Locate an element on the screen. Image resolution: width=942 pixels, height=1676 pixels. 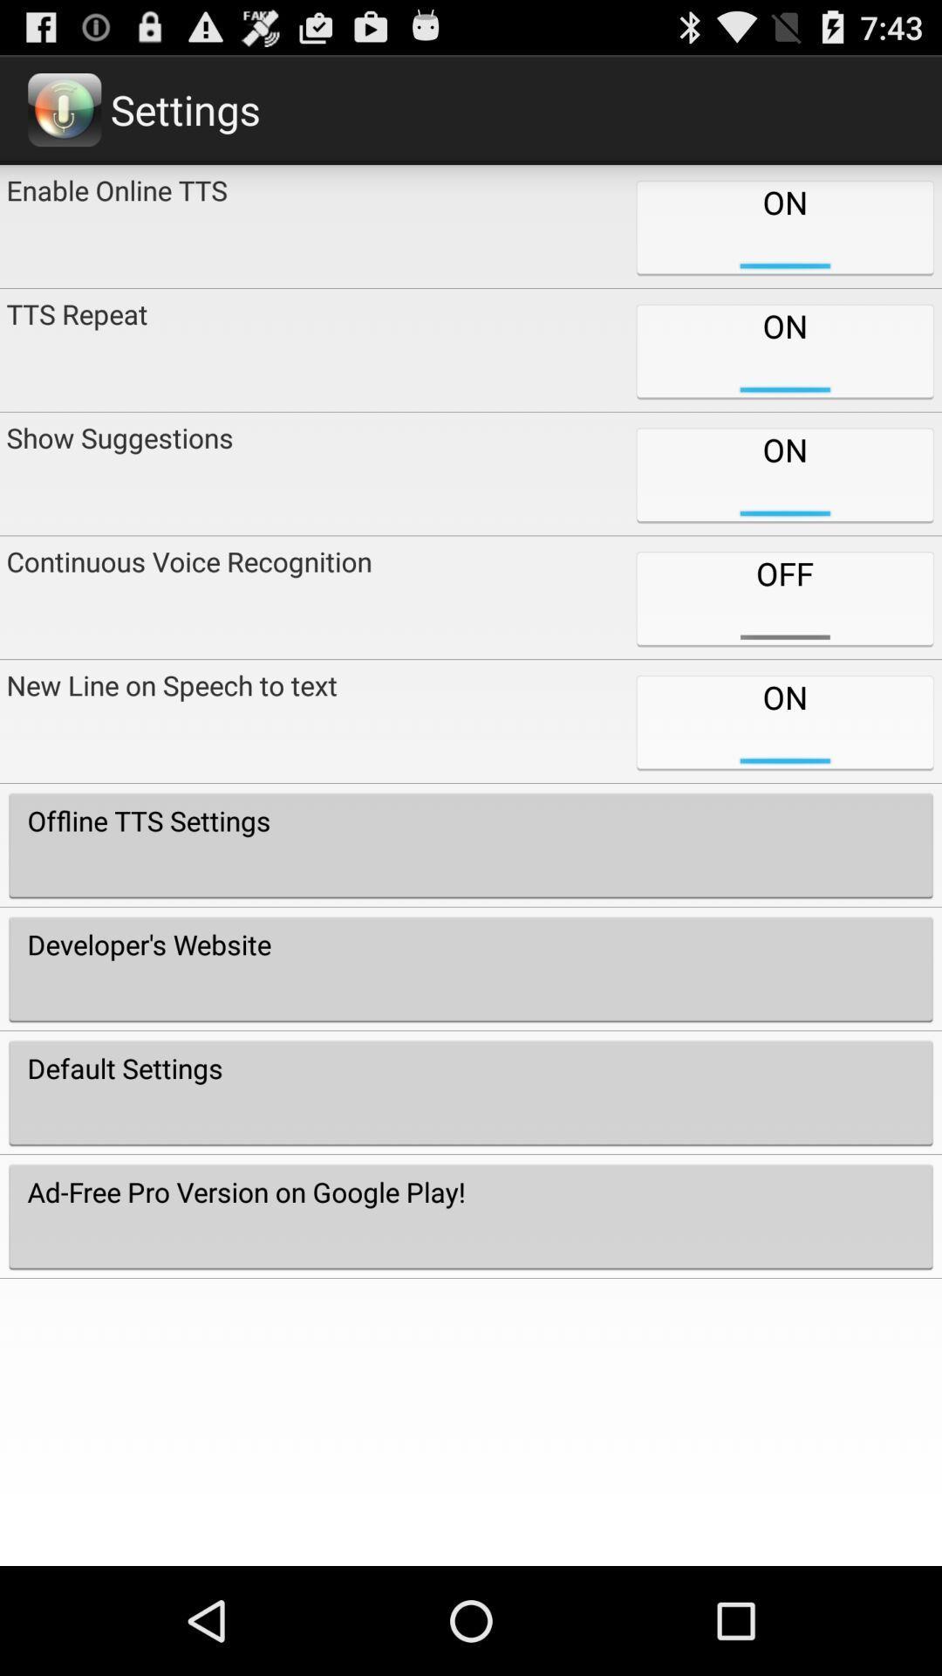
button below the offline tts settings item is located at coordinates (471, 968).